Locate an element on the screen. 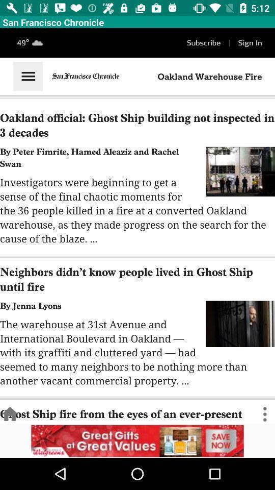 The image size is (275, 490). enlarge the page is located at coordinates (137, 226).